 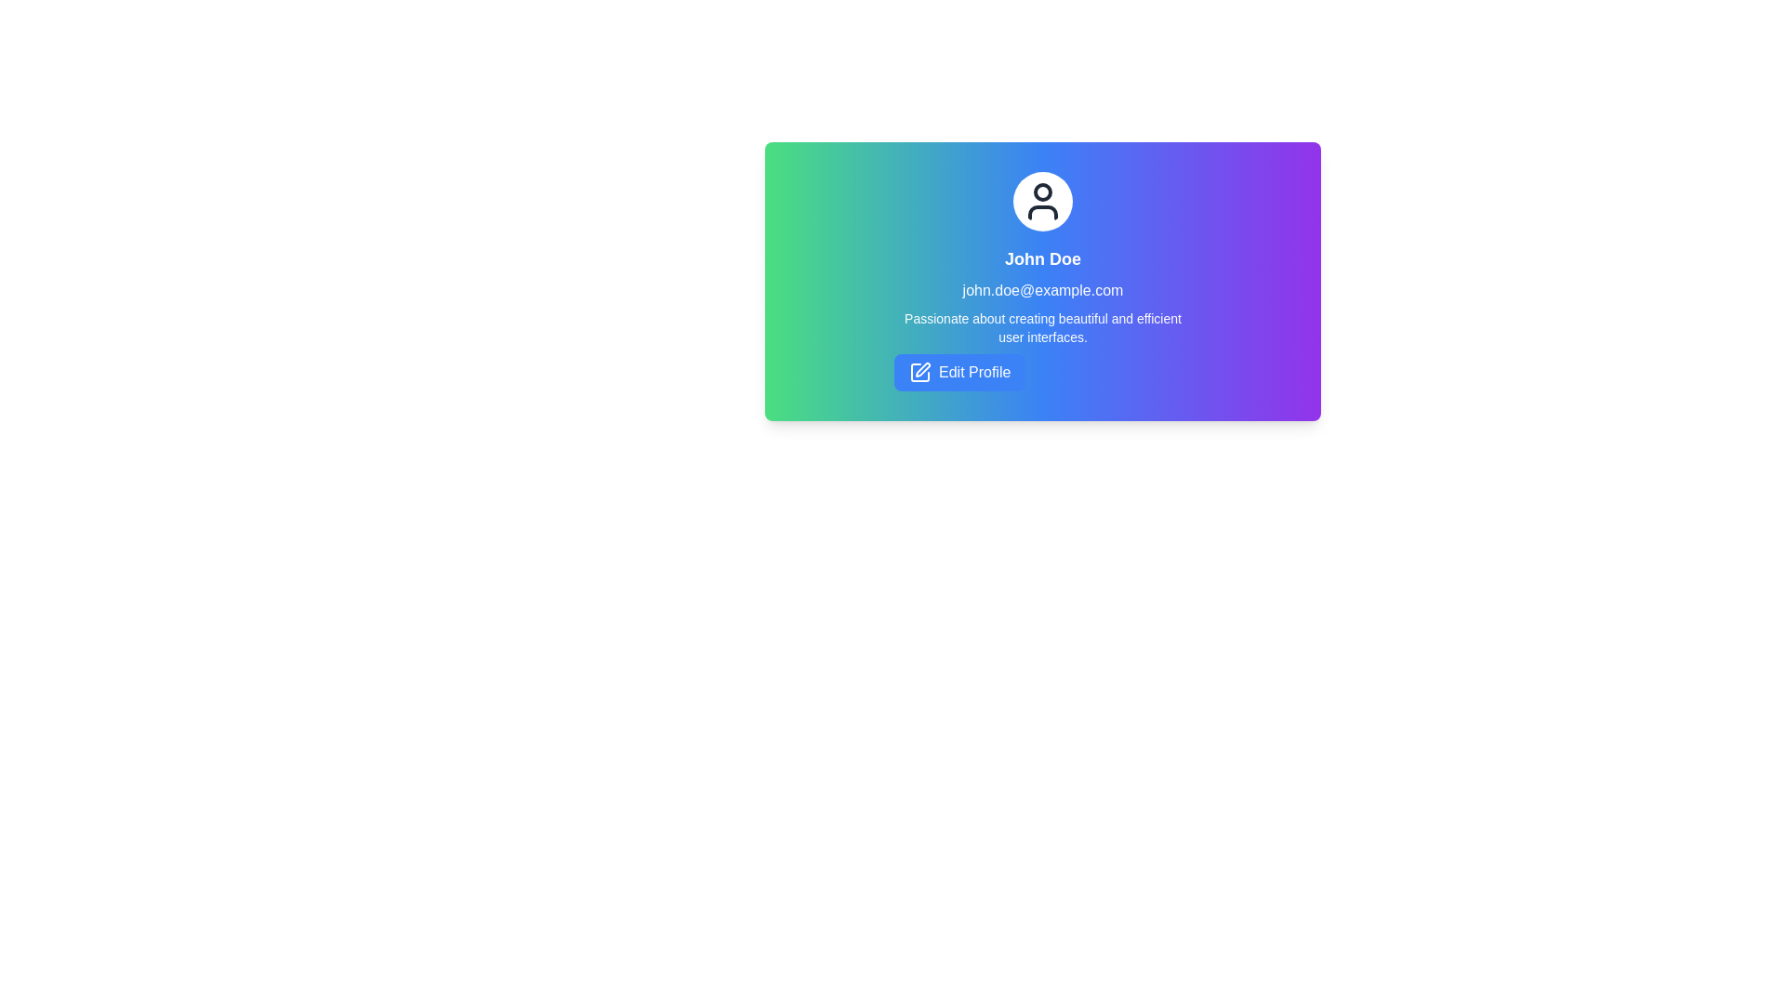 What do you see at coordinates (923, 369) in the screenshot?
I see `the pen icon within the 'Edit Profile' button, which is part of a gradient-colored card layout` at bounding box center [923, 369].